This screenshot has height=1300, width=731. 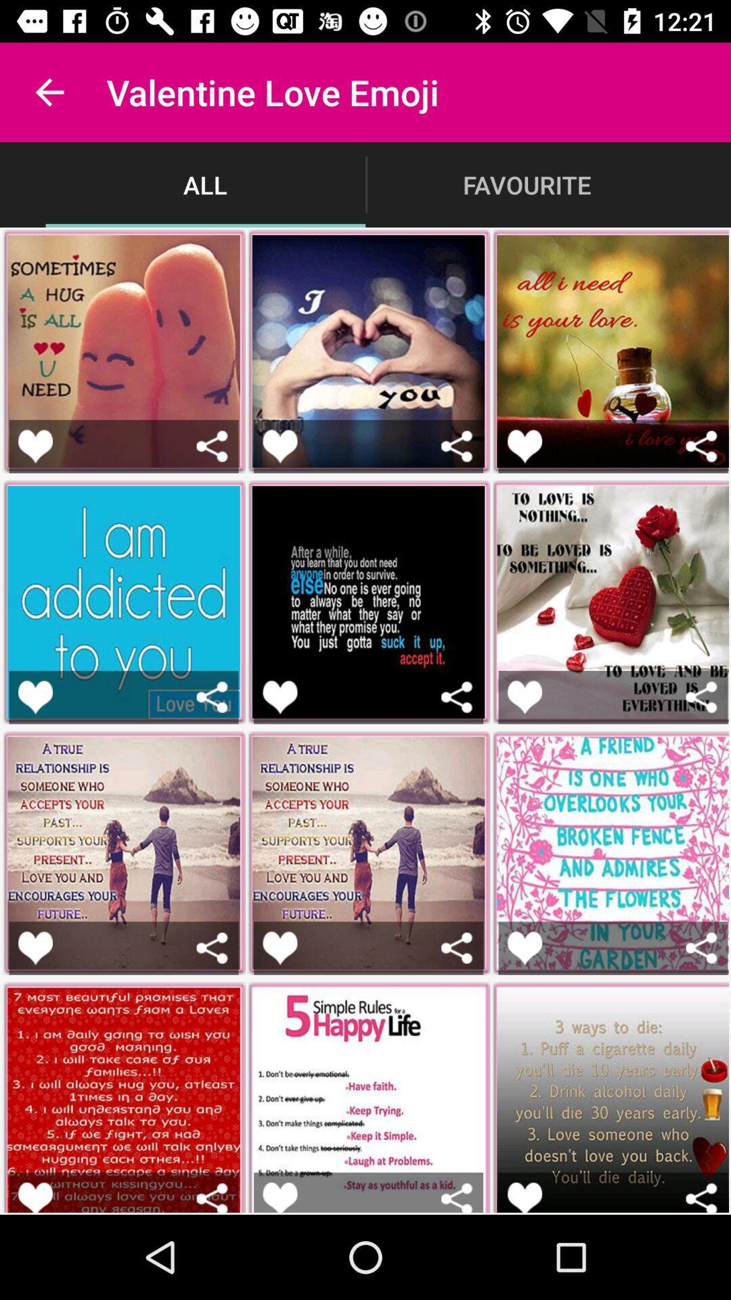 I want to click on share the emoji, so click(x=701, y=947).